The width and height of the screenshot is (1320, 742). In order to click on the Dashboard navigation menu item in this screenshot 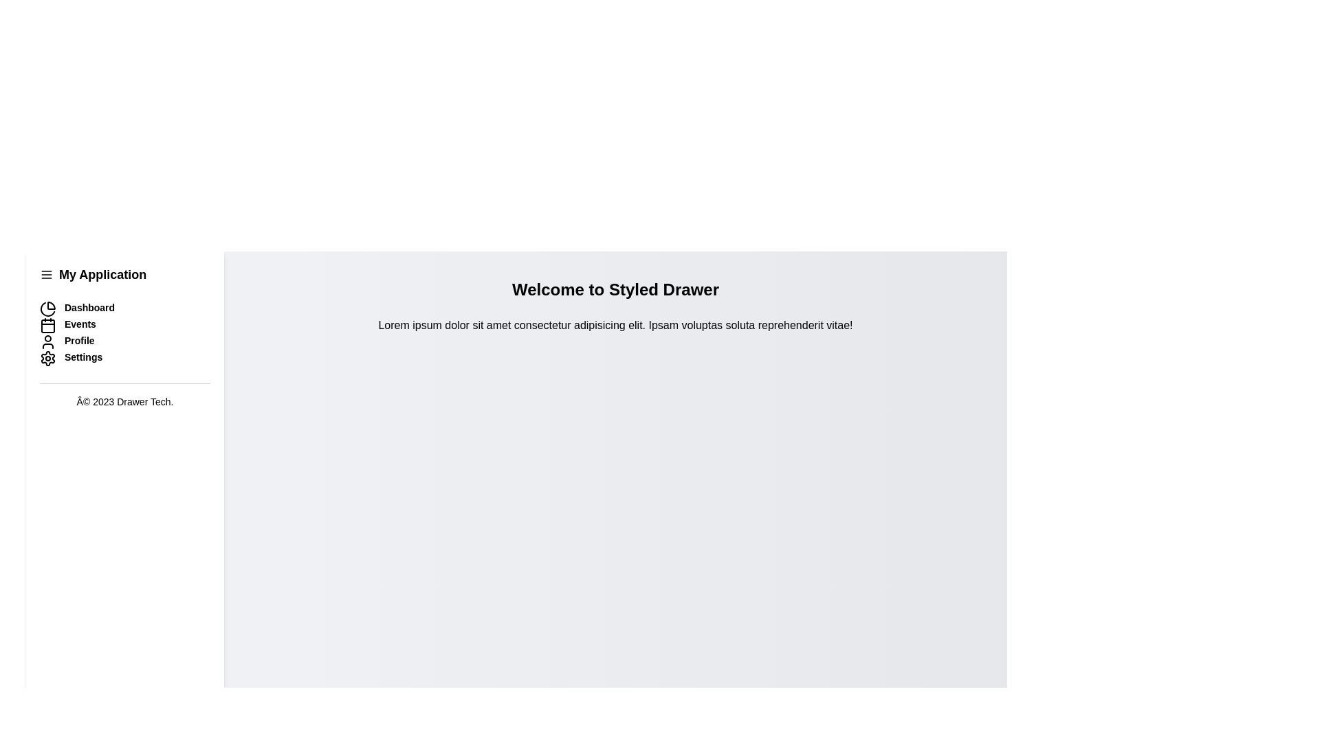, I will do `click(125, 309)`.